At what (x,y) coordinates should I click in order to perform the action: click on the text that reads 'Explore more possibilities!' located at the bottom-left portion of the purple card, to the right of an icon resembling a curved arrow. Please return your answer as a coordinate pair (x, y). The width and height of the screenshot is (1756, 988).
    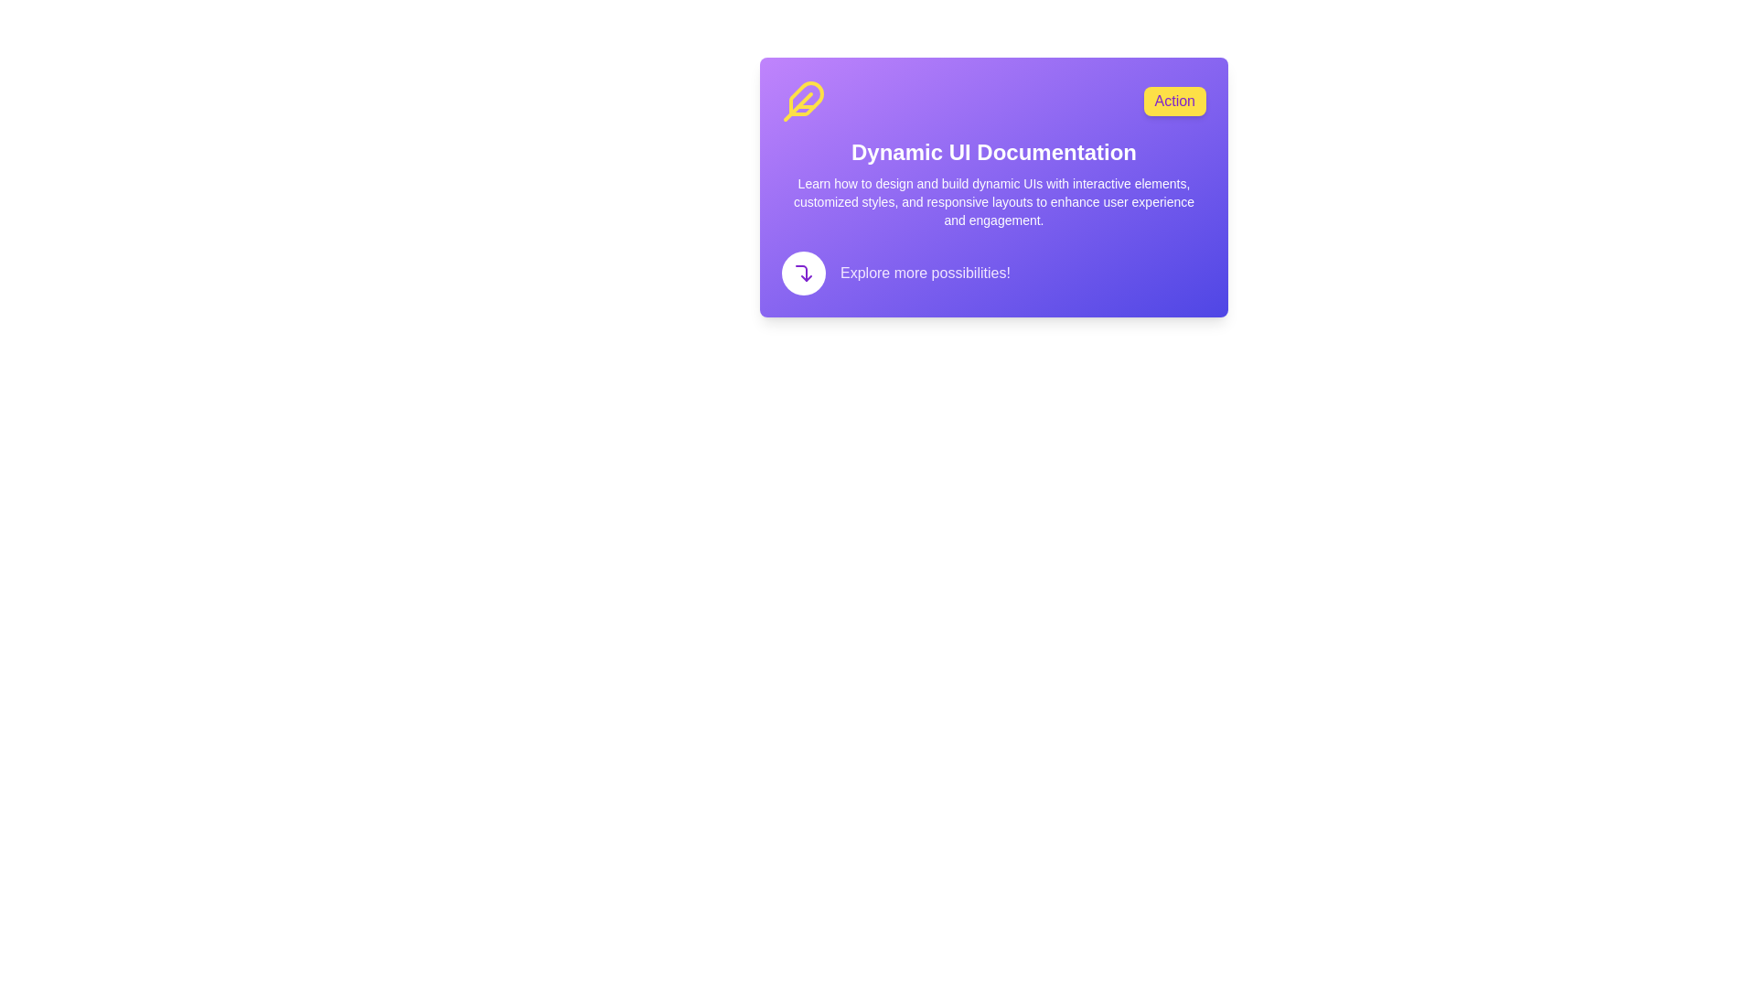
    Looking at the image, I should click on (925, 274).